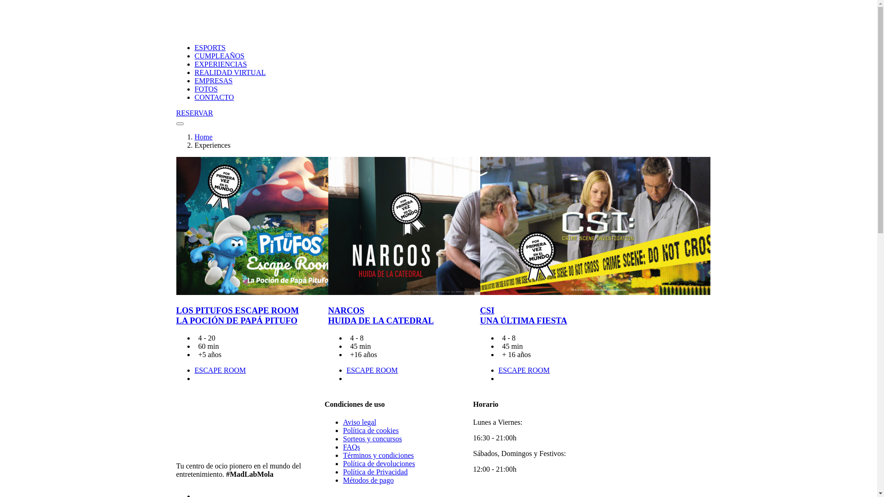 The width and height of the screenshot is (884, 497). Describe the element at coordinates (213, 80) in the screenshot. I see `'EMPRESAS'` at that location.